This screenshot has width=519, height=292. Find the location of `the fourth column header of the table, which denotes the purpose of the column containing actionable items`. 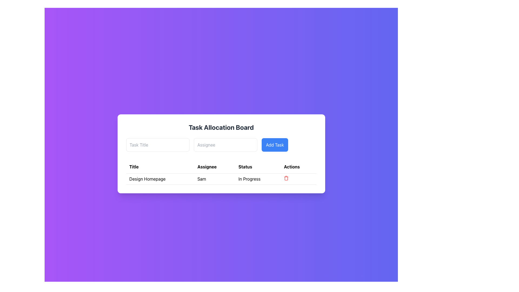

the fourth column header of the table, which denotes the purpose of the column containing actionable items is located at coordinates (298, 167).